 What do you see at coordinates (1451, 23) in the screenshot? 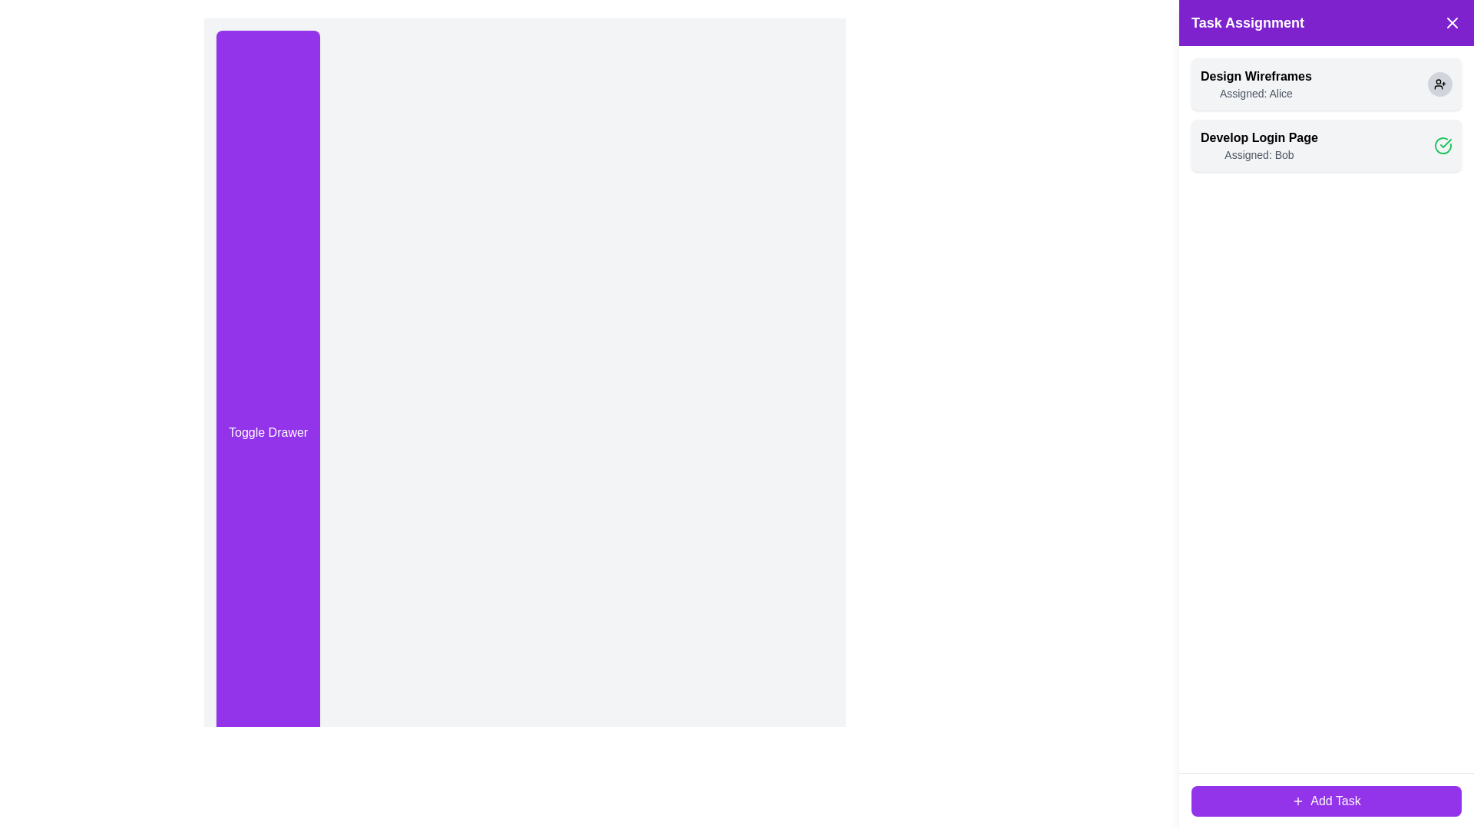
I see `the diagonal cross mark button located in the top-right corner of the 'Task Assignment' panel` at bounding box center [1451, 23].